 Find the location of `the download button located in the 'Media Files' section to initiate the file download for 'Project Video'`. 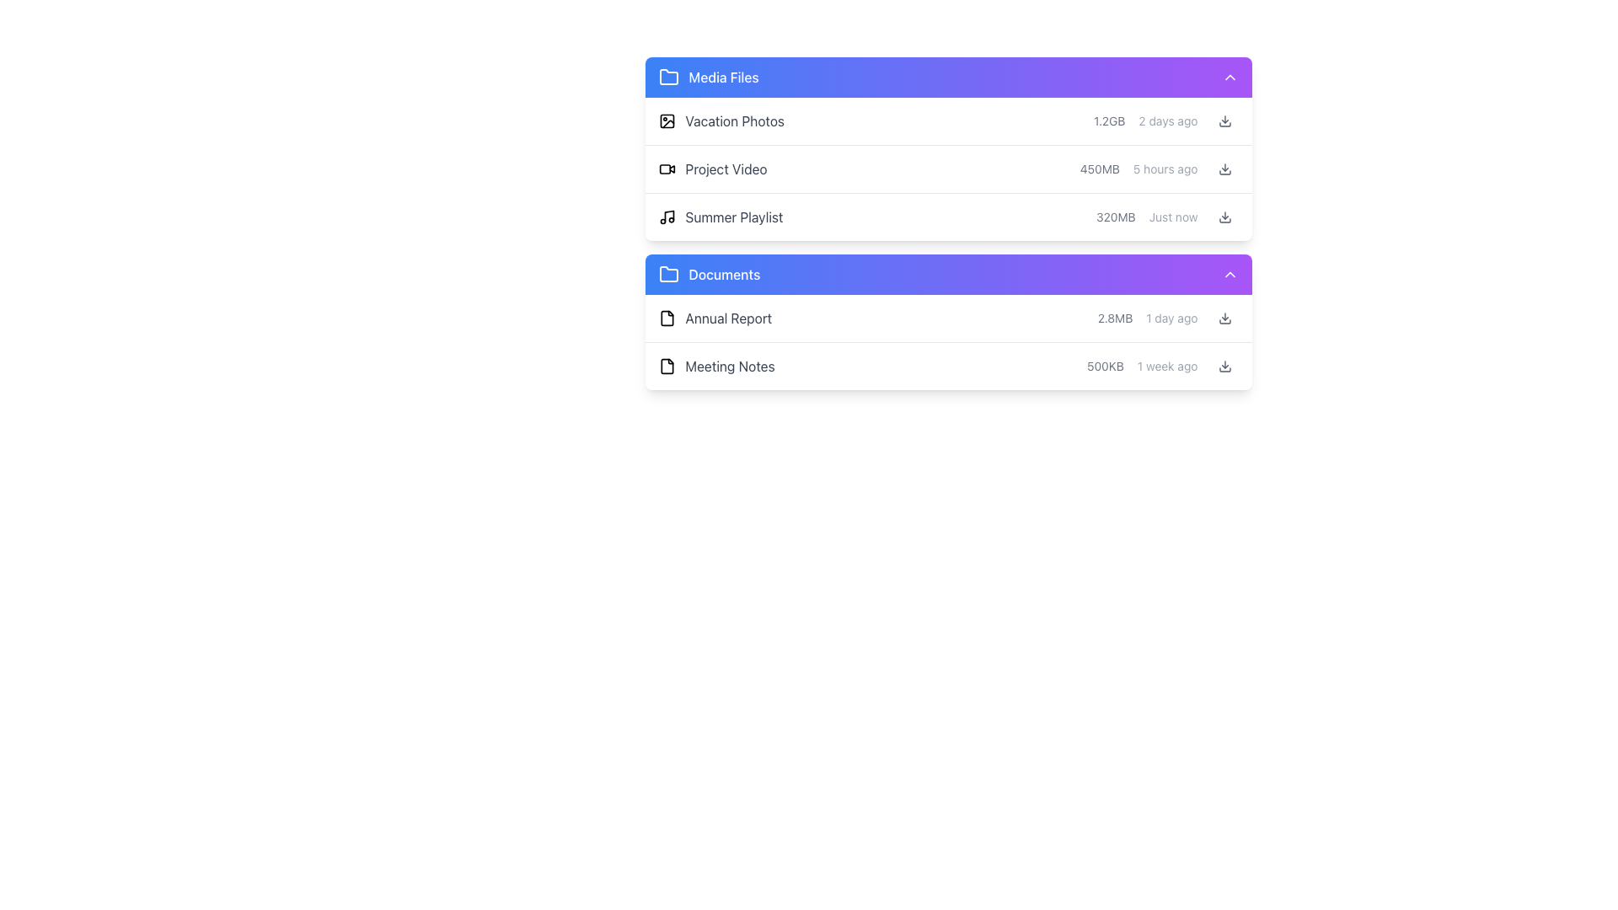

the download button located in the 'Media Files' section to initiate the file download for 'Project Video' is located at coordinates (1224, 169).